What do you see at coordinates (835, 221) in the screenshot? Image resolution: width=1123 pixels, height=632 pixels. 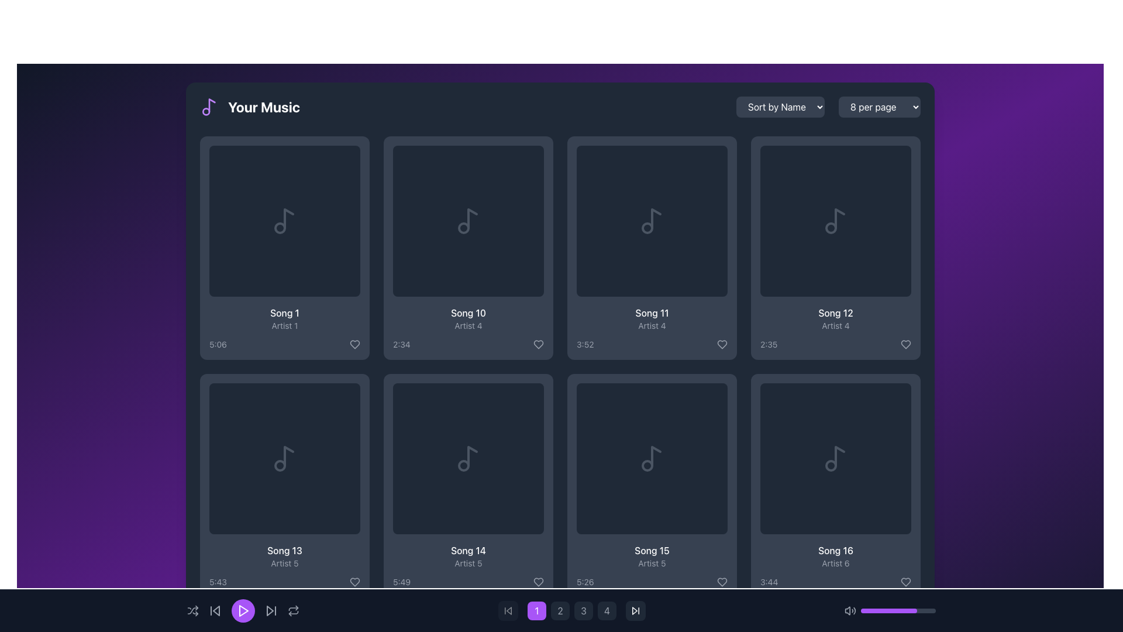 I see `the circular button with a purple background containing a white play icon, located beneath the placeholder image of 'Song 12' and above the song duration text '2:35'` at bounding box center [835, 221].